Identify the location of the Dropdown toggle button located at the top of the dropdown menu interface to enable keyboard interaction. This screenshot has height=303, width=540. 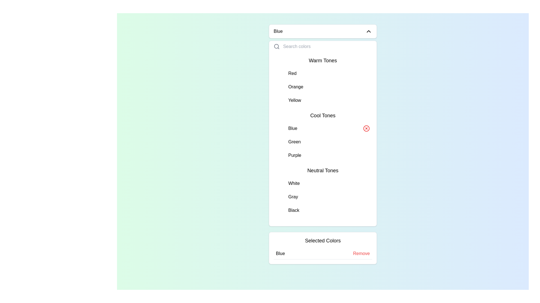
(323, 31).